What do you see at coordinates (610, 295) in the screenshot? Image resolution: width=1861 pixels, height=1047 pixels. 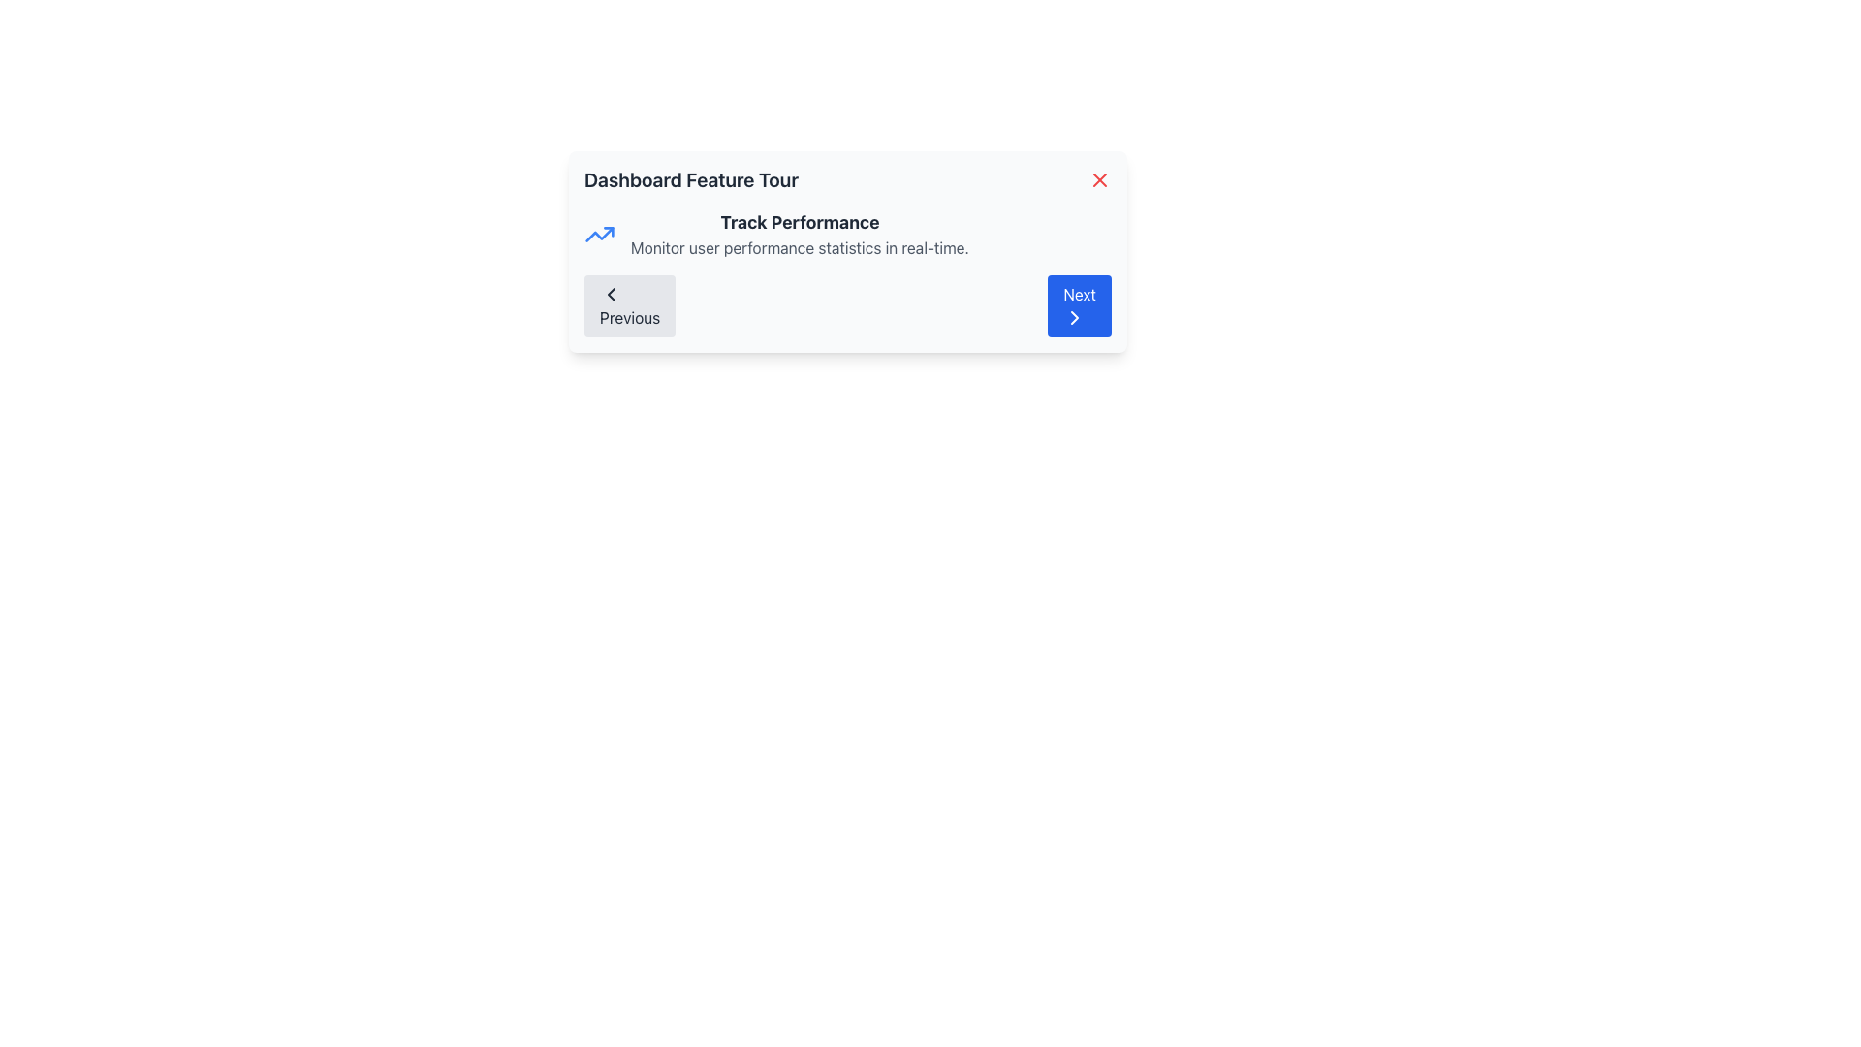 I see `the SVG chevron element representing the 'Previous' action within the tour navigation UI, located inside the button labeled 'Previous'` at bounding box center [610, 295].